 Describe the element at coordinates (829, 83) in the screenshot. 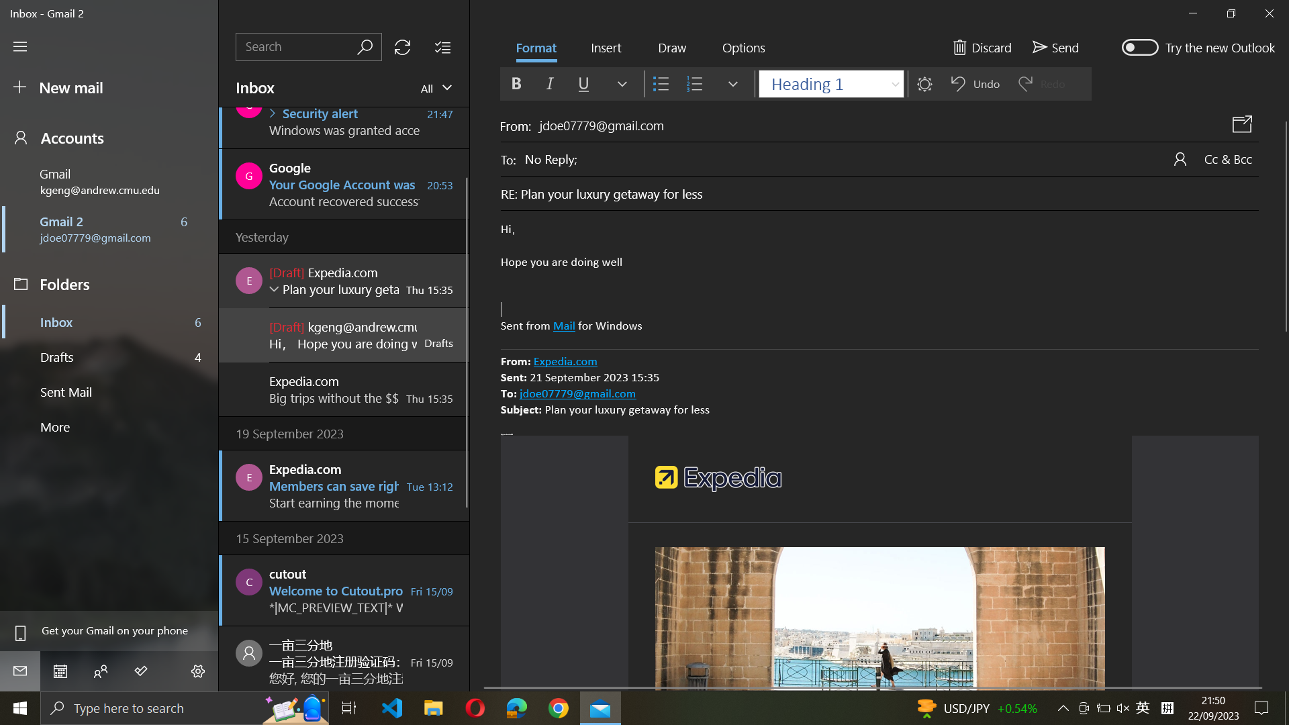

I see `Alter font style to Arial` at that location.